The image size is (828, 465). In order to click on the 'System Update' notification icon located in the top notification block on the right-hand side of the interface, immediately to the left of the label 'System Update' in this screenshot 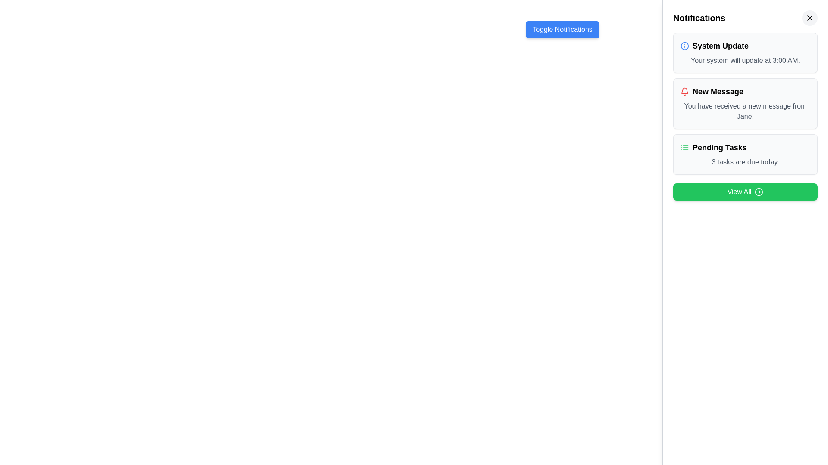, I will do `click(684, 46)`.